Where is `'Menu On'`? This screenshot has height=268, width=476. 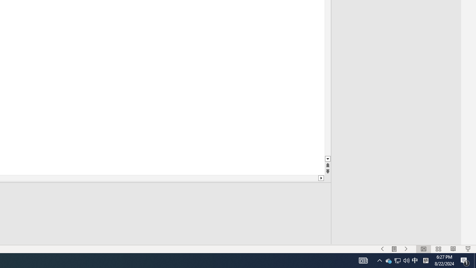 'Menu On' is located at coordinates (394, 249).